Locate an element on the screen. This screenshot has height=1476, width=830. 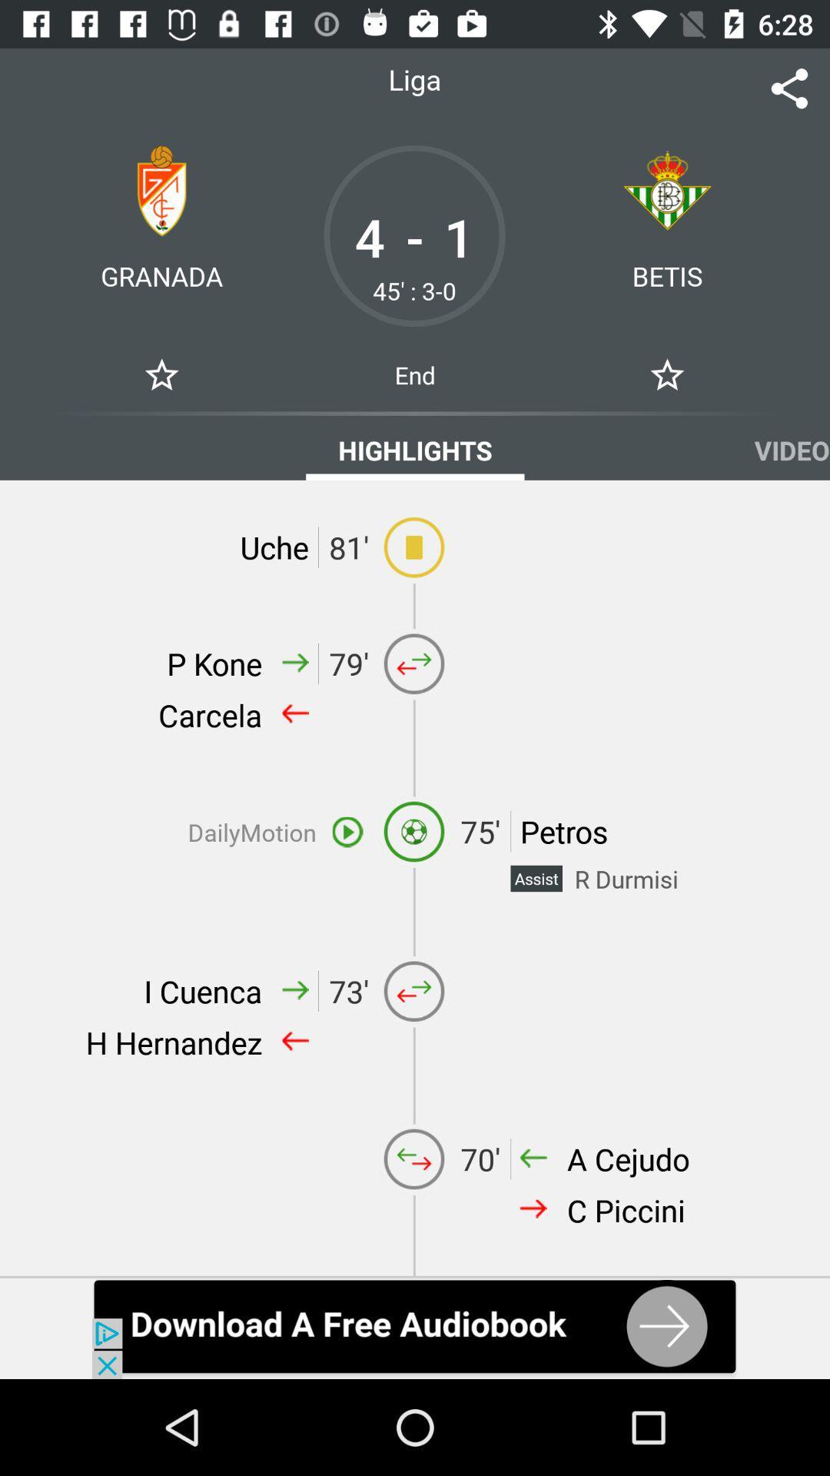
the share icon is located at coordinates (789, 88).